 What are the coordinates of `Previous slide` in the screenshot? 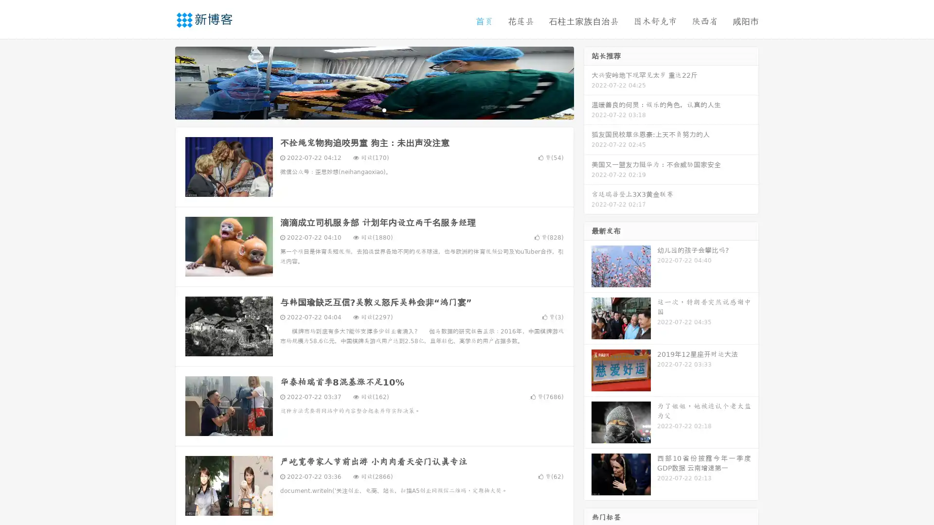 It's located at (161, 82).